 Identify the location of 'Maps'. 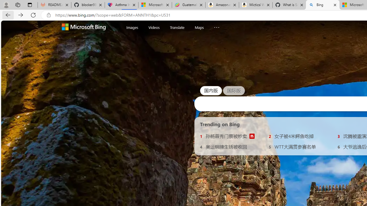
(199, 27).